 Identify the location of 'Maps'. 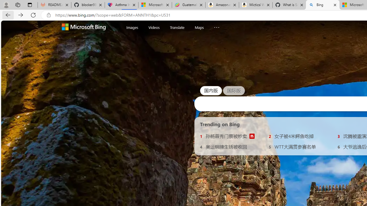
(199, 27).